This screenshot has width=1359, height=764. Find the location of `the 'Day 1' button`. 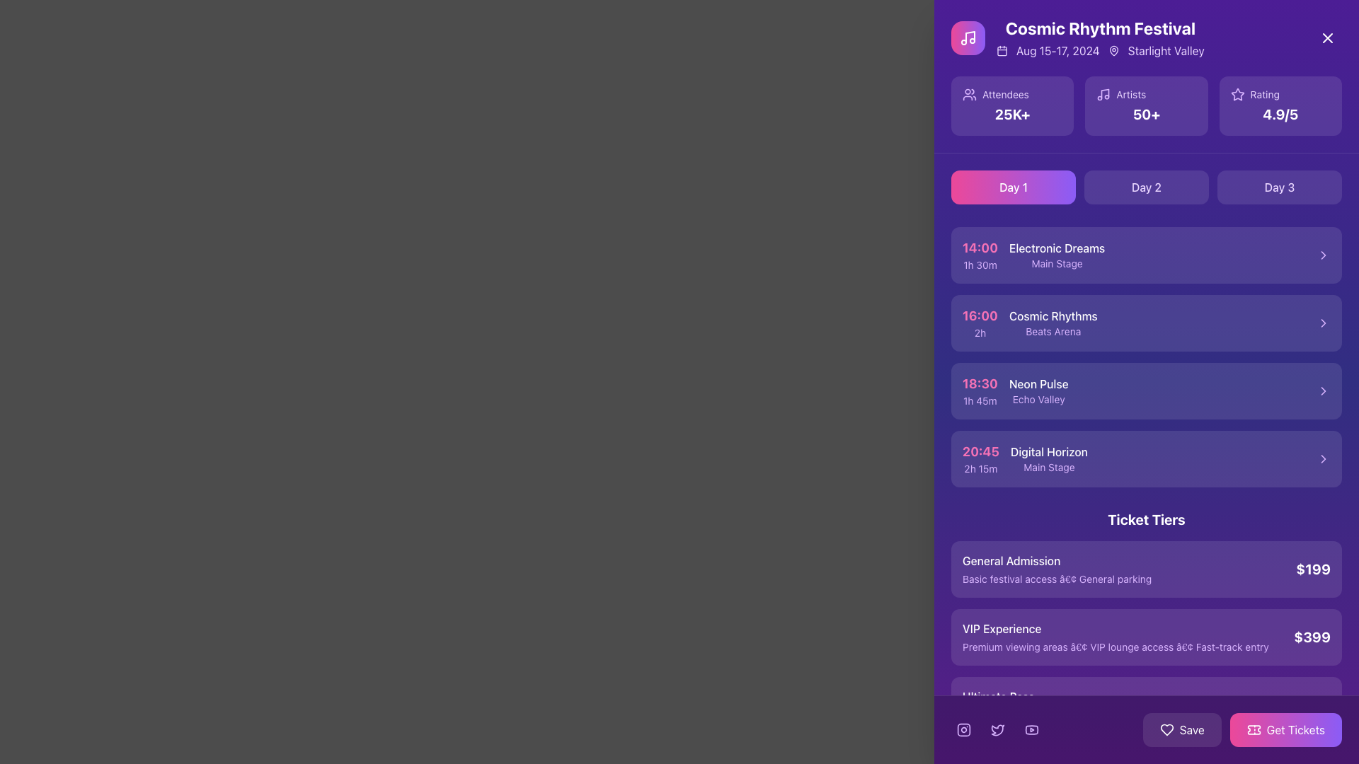

the 'Day 1' button is located at coordinates (1012, 187).